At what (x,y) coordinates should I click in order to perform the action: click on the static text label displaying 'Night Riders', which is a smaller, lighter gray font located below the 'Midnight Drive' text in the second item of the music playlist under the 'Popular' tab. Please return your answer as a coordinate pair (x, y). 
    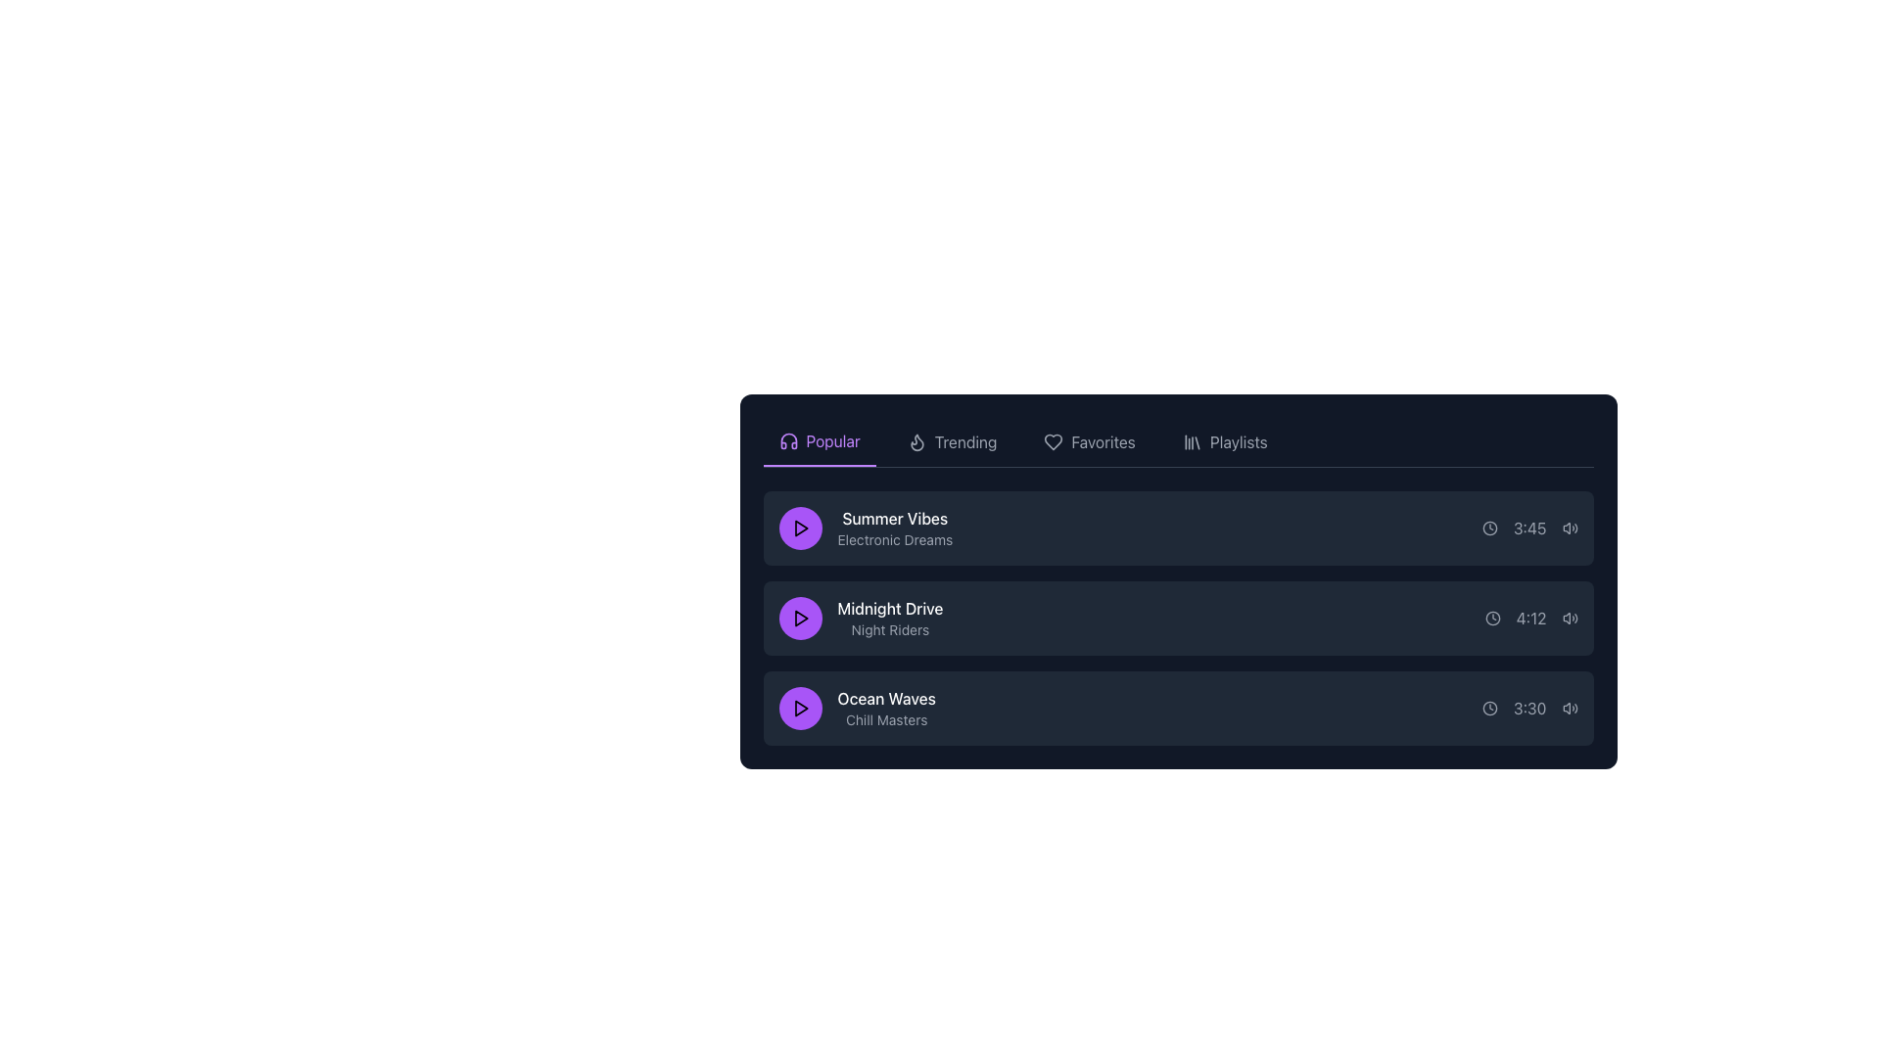
    Looking at the image, I should click on (889, 630).